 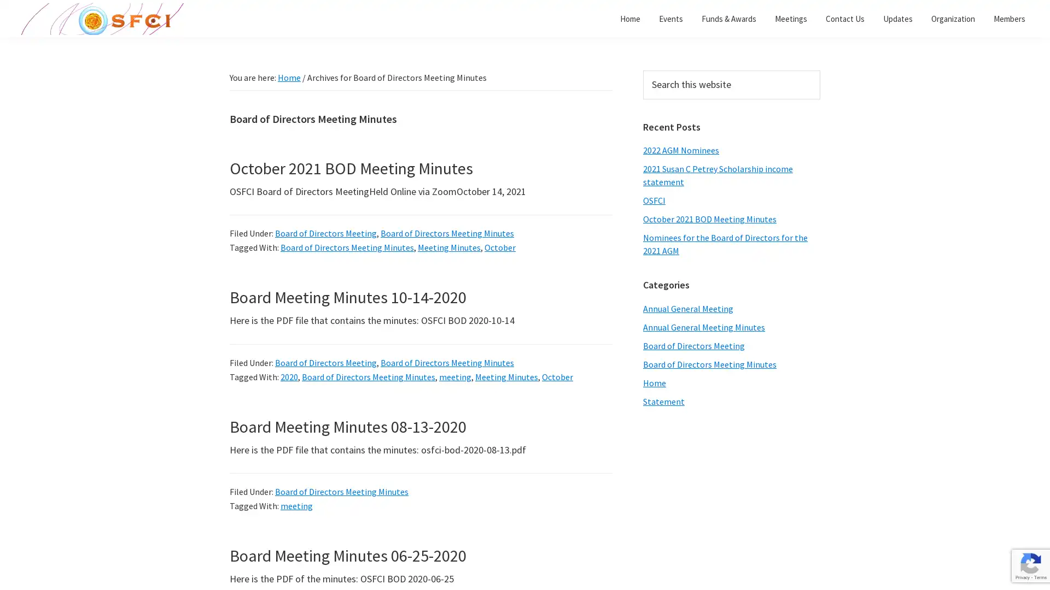 I want to click on Search, so click(x=820, y=70).